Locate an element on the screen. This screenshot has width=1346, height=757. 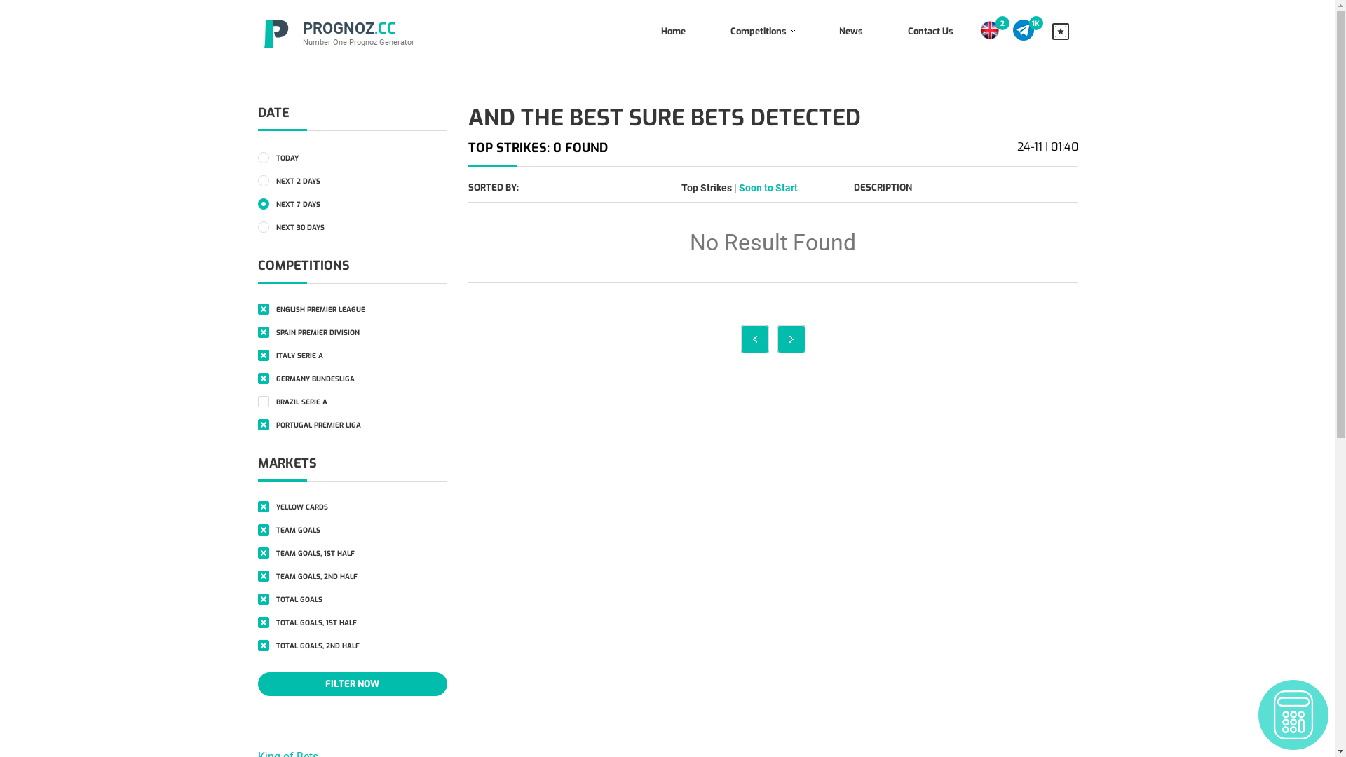
'NEXT 30 DAYS' is located at coordinates (258, 226).